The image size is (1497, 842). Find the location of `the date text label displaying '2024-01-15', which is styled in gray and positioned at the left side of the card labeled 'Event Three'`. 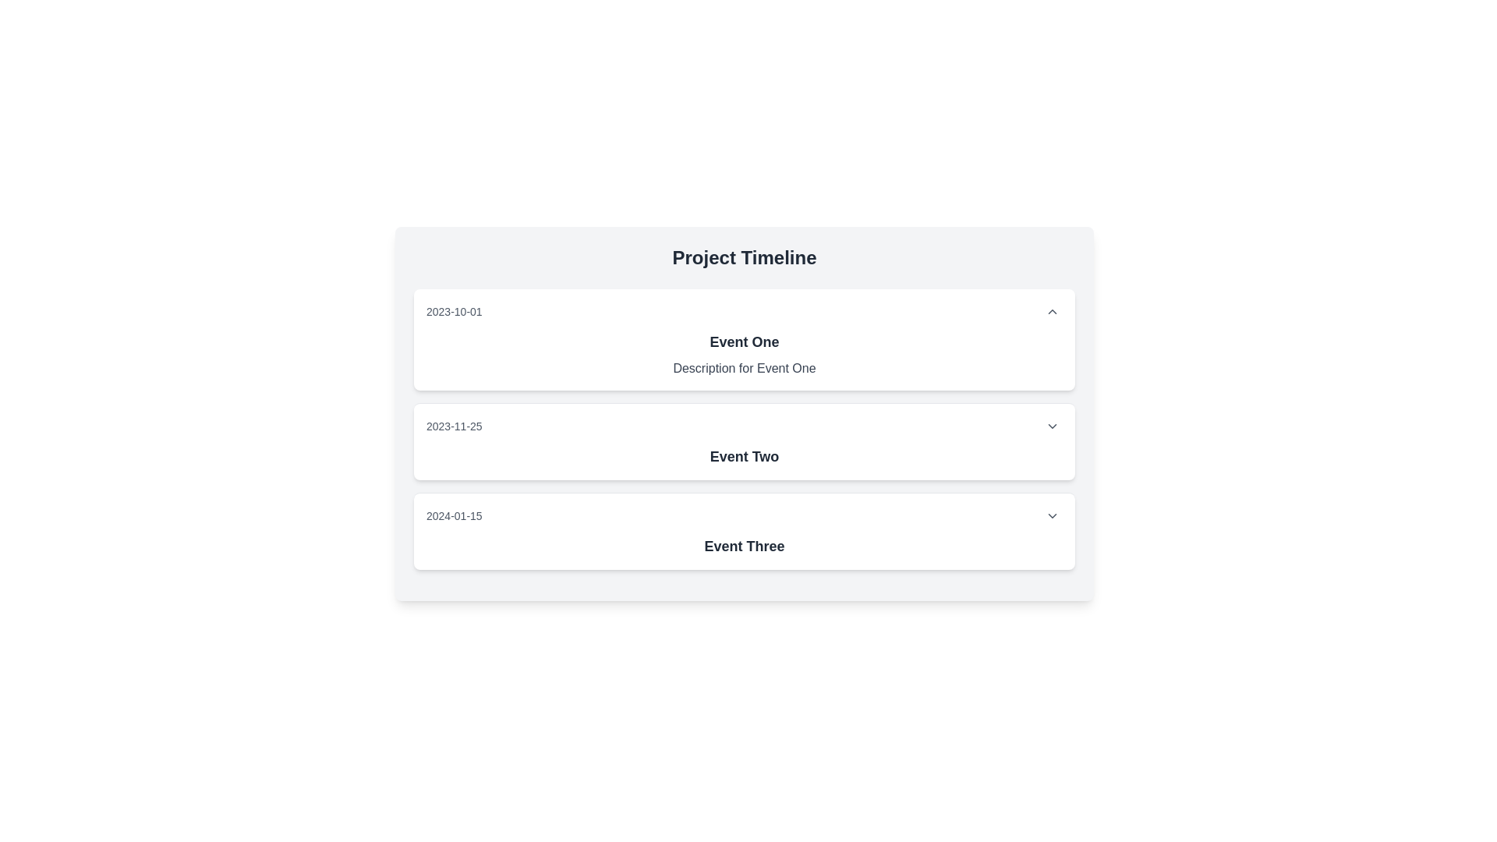

the date text label displaying '2024-01-15', which is styled in gray and positioned at the left side of the card labeled 'Event Three' is located at coordinates (453, 516).